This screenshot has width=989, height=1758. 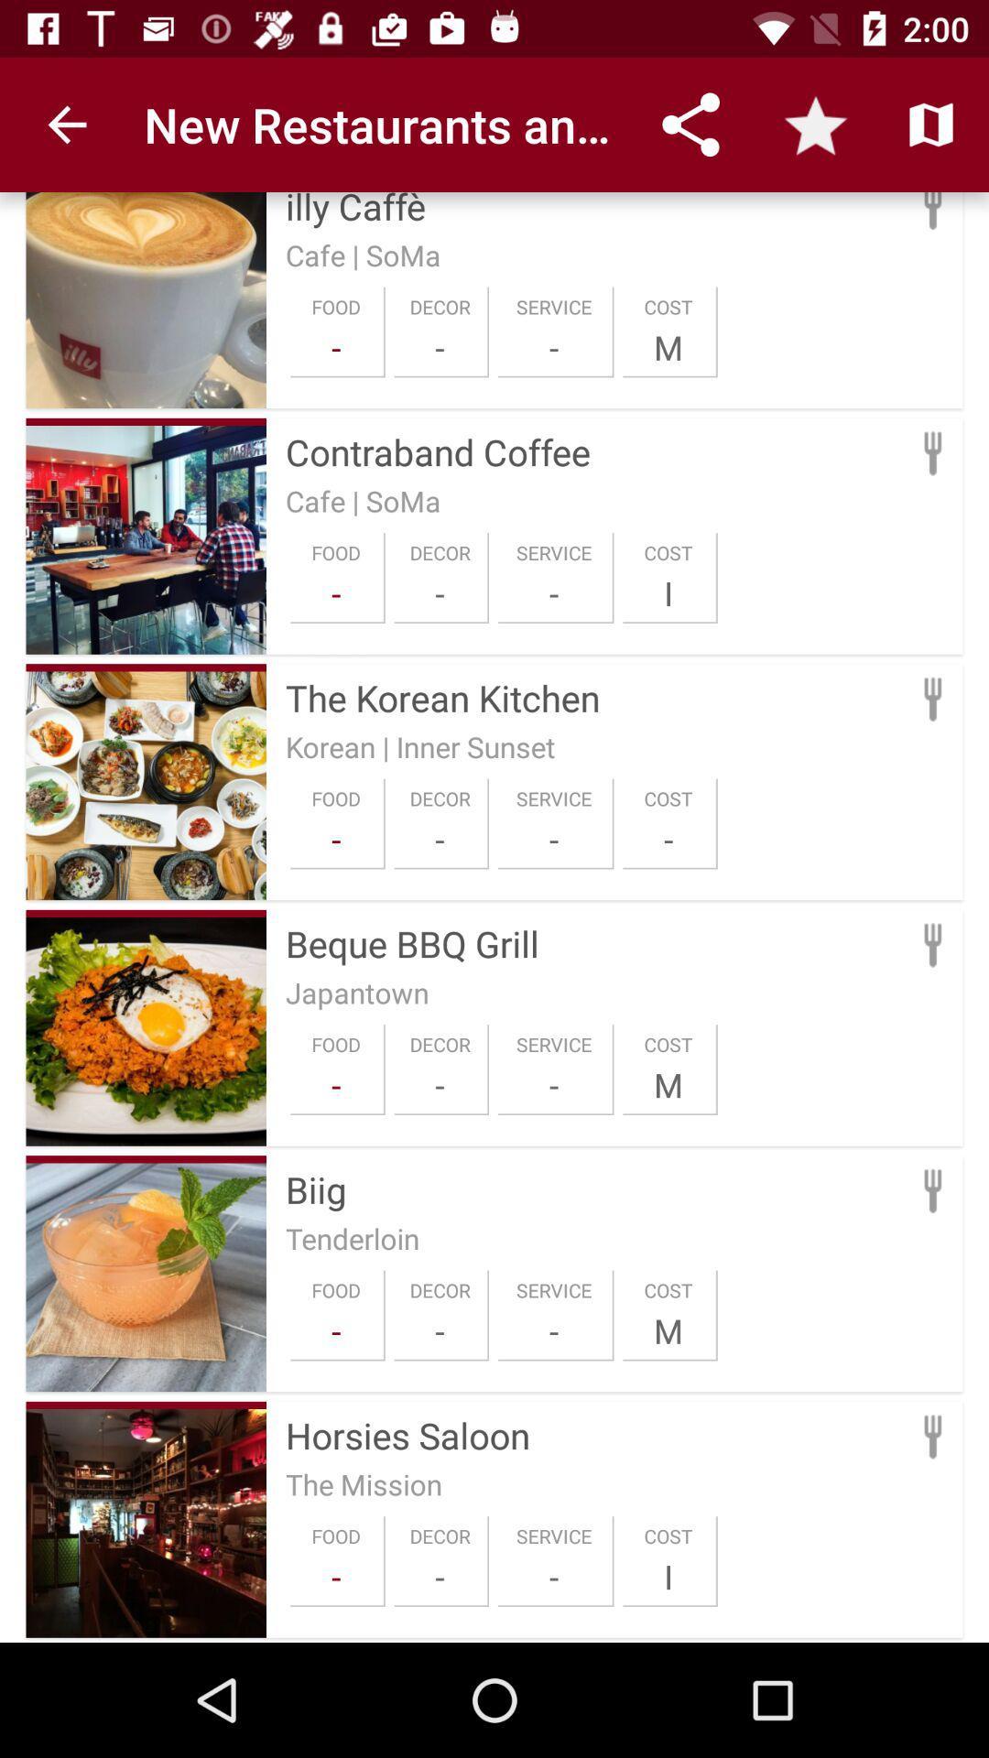 What do you see at coordinates (553, 838) in the screenshot?
I see `item to the left of cost item` at bounding box center [553, 838].